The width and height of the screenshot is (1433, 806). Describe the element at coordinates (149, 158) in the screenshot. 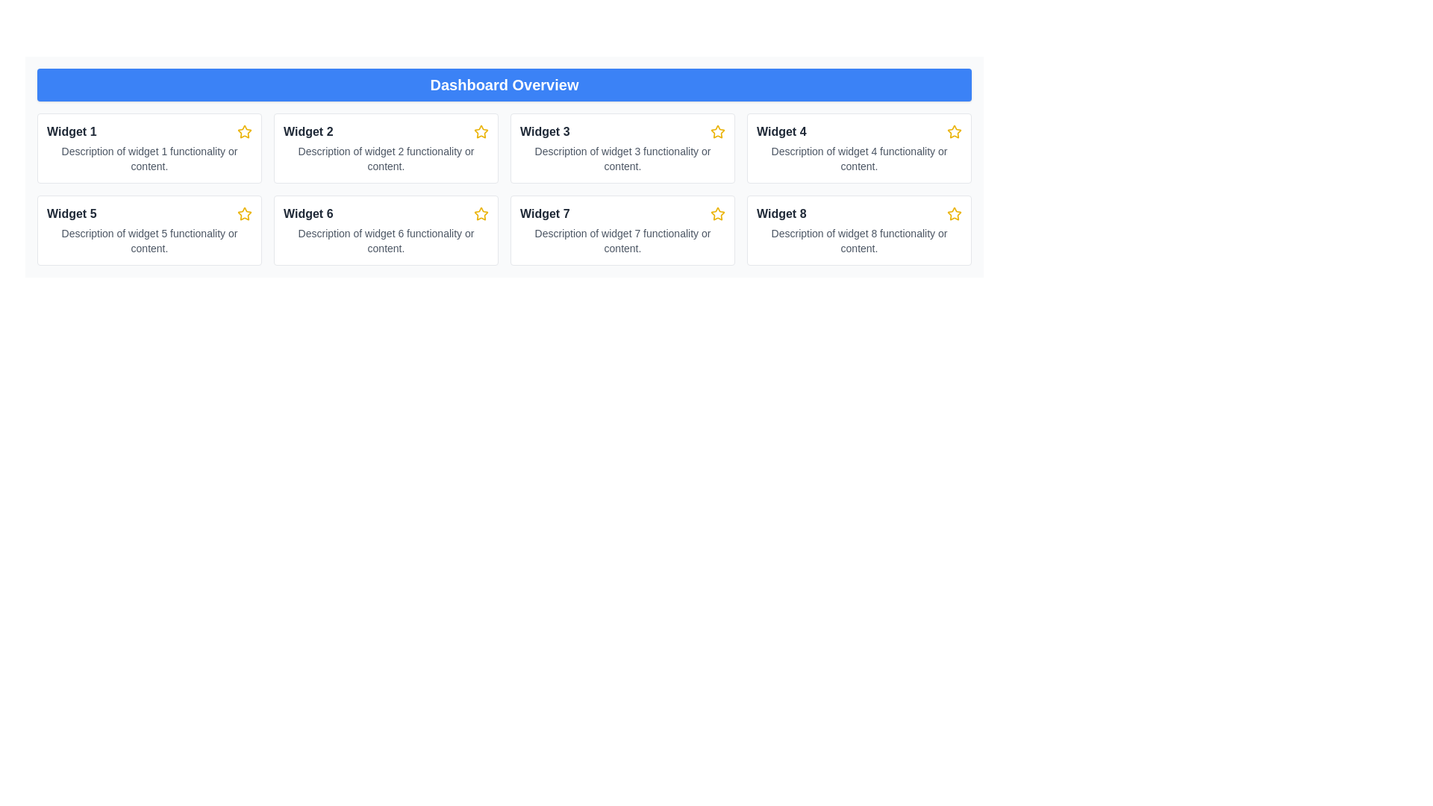

I see `the text label providing a summary of Widget 1's functionality, located underneath the title and star icon in the card labeled 'Widget 1'` at that location.